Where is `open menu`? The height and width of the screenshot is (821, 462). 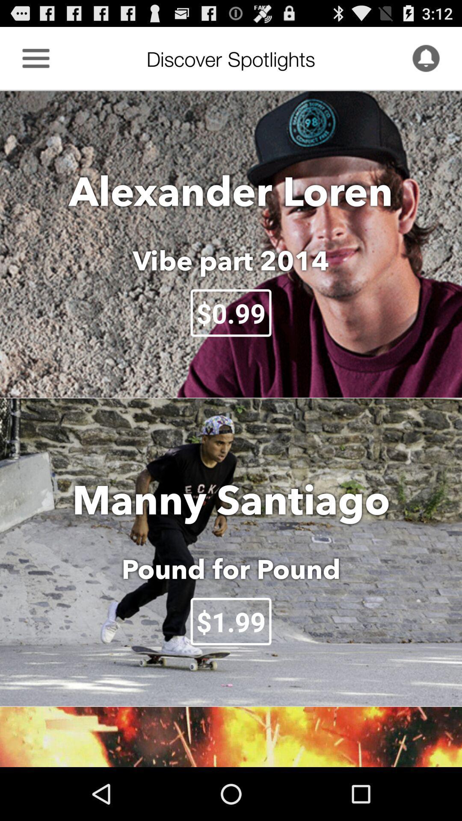 open menu is located at coordinates (36, 58).